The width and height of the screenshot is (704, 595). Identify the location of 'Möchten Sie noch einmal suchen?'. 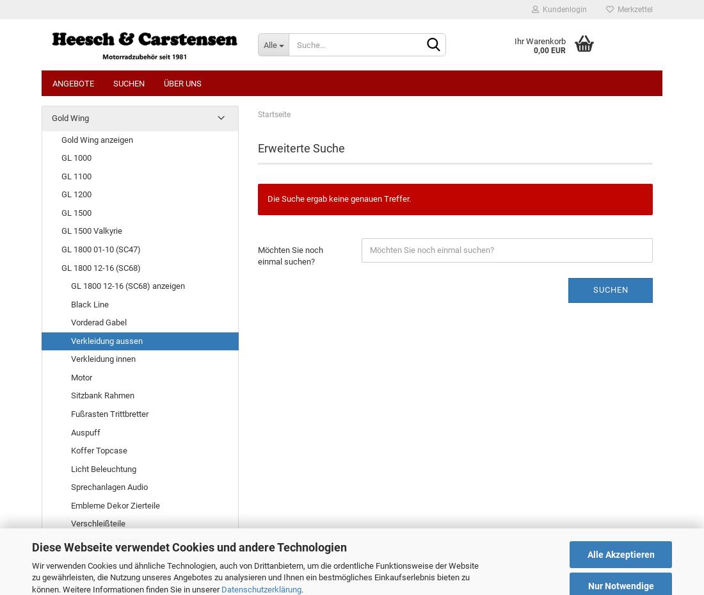
(258, 255).